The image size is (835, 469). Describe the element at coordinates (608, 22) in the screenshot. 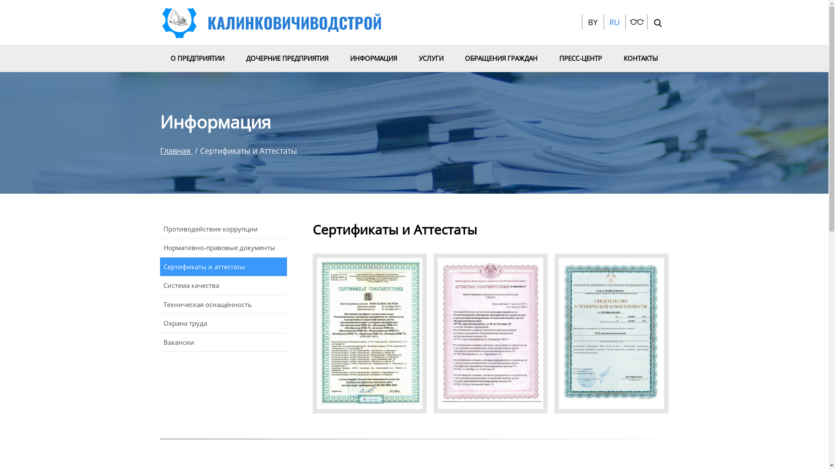

I see `'RU'` at that location.